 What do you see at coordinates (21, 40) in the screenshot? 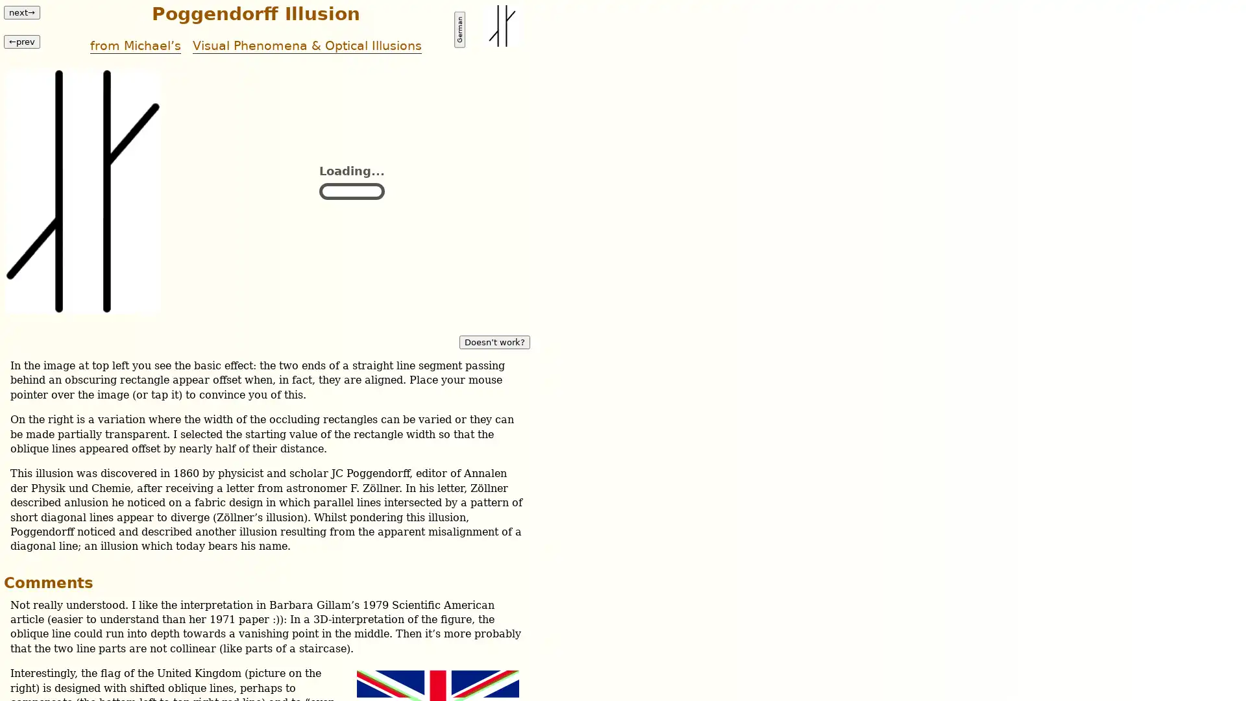
I see `prev` at bounding box center [21, 40].